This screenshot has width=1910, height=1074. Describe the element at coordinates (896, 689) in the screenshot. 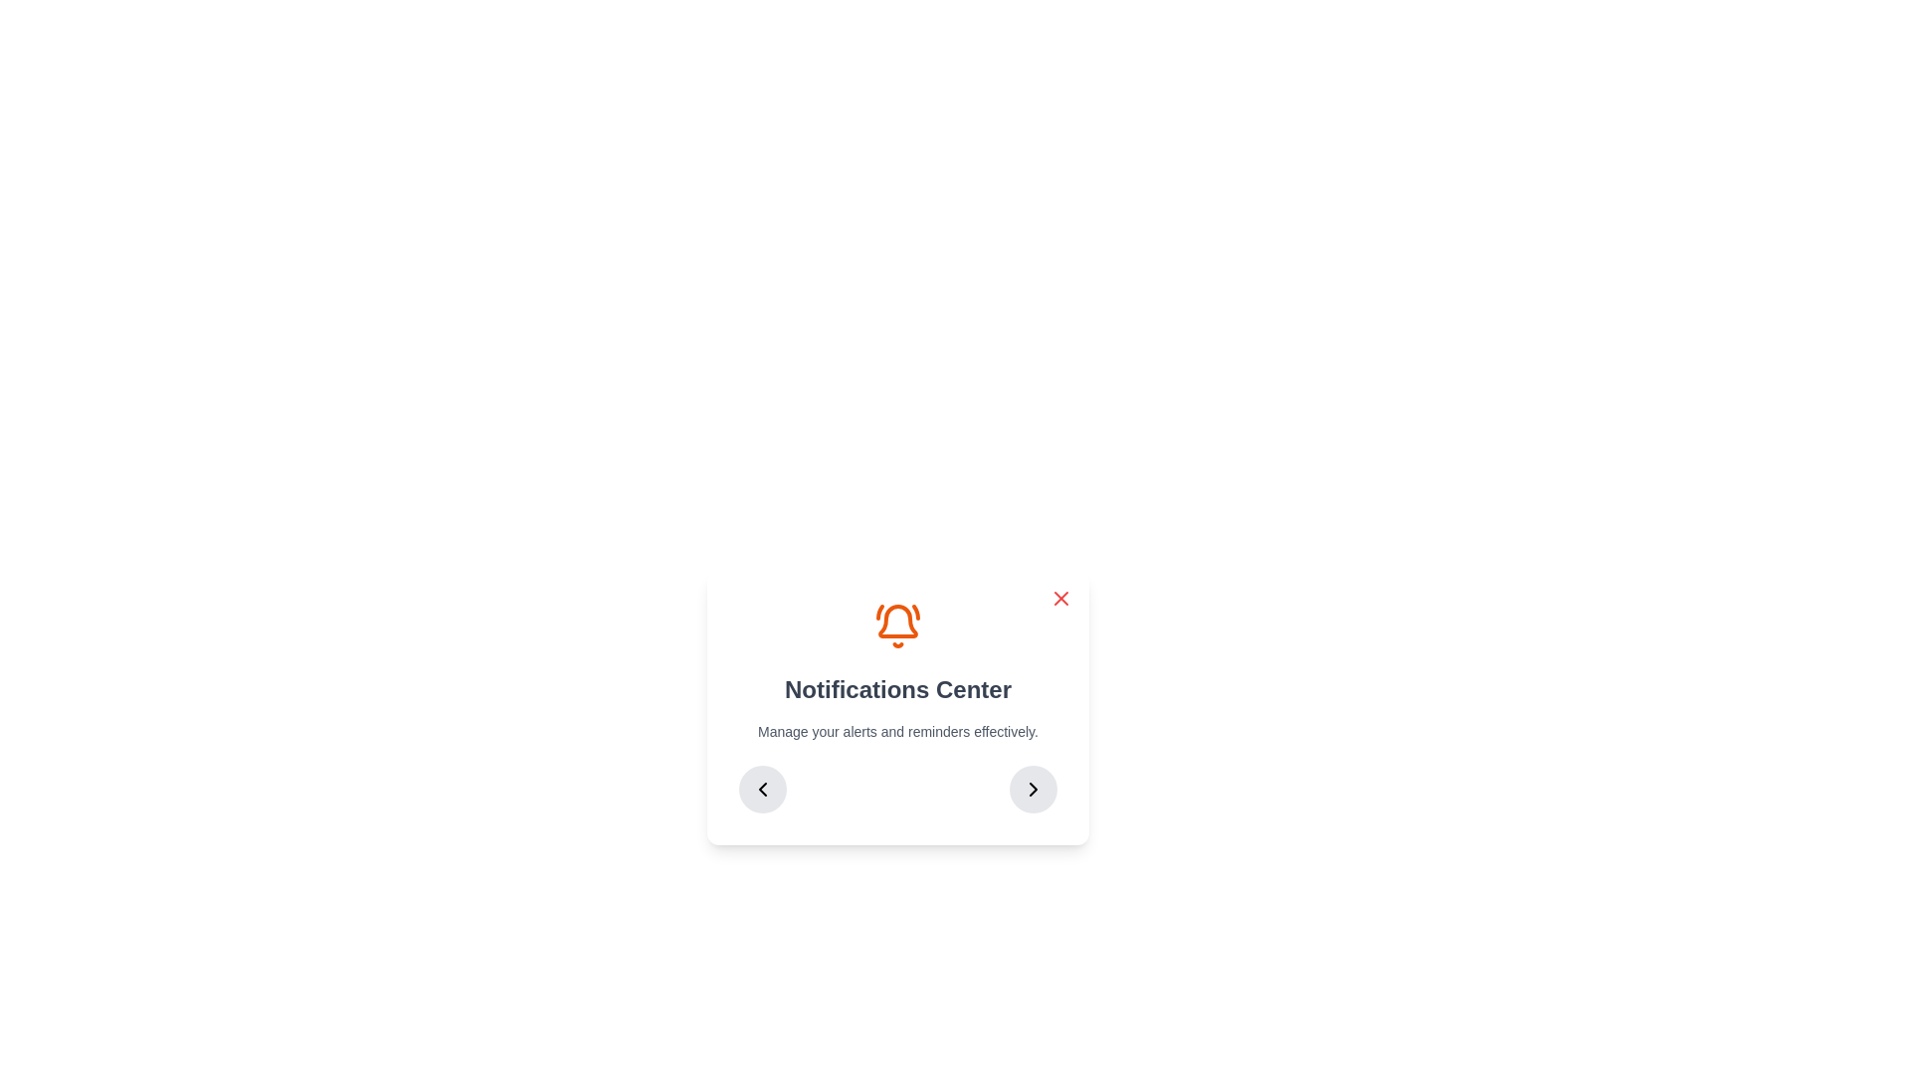

I see `the prominently styled textual heading that reads 'Notifications Center', which is positioned below the orange notification bell icon and above the smaller text 'Manage your alerts and reminders effectively'` at that location.